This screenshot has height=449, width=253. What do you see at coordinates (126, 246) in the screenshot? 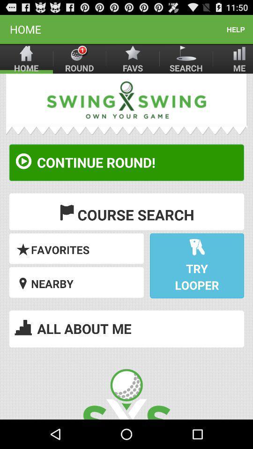
I see `list option` at bounding box center [126, 246].